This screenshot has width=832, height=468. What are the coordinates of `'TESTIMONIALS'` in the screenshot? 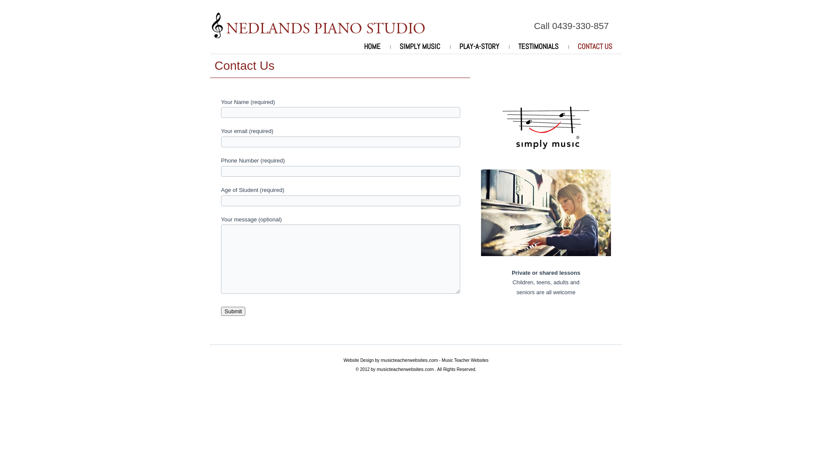 It's located at (538, 46).